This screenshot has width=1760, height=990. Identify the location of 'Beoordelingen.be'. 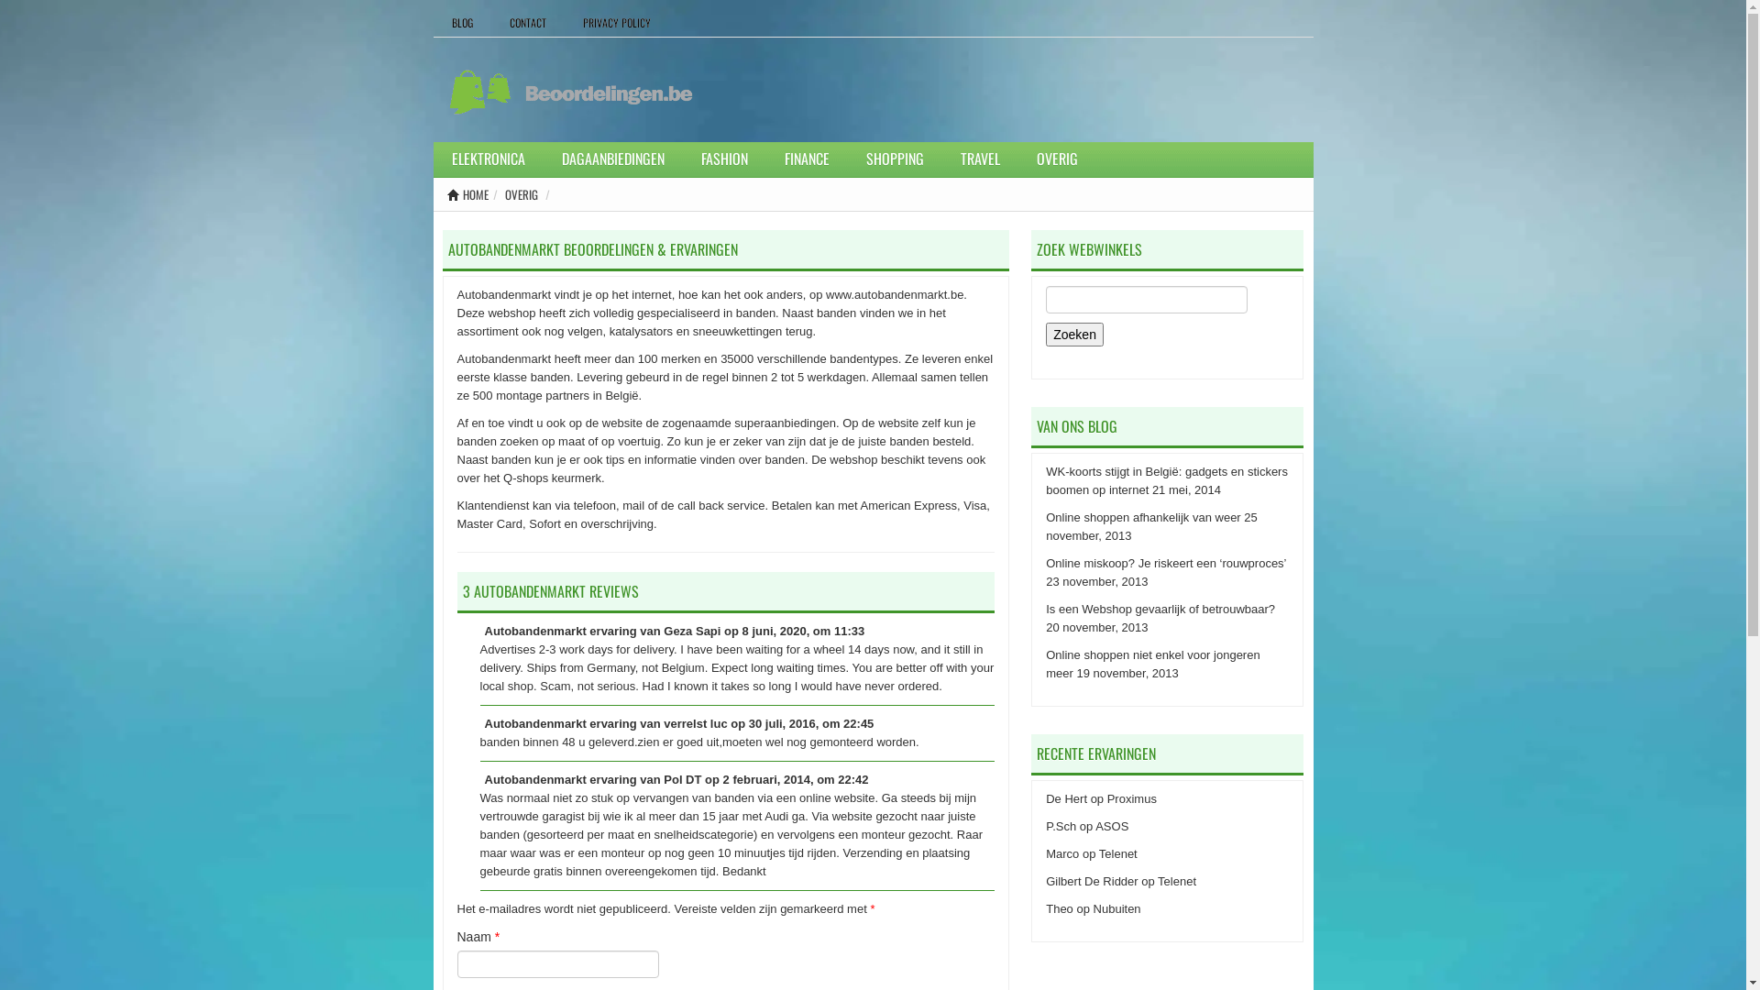
(569, 91).